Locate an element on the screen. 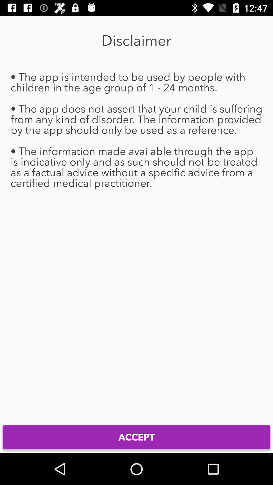  accept item is located at coordinates (136, 437).